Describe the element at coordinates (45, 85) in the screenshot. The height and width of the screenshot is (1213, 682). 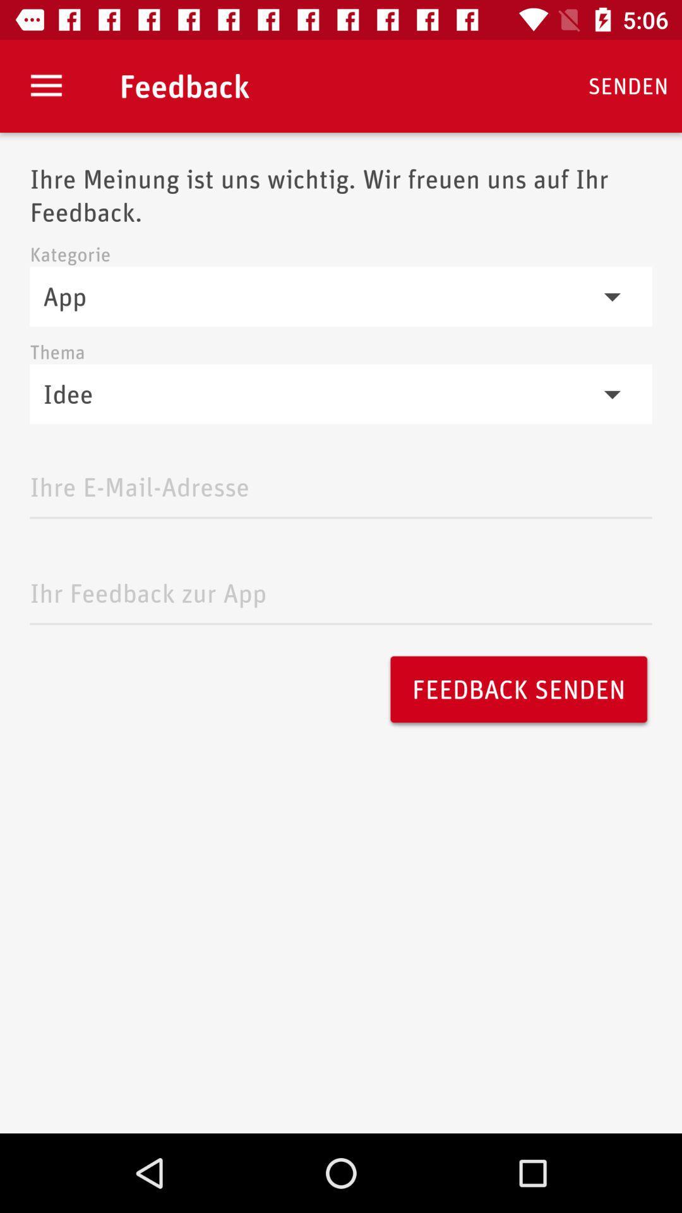
I see `the icon next to feedback icon` at that location.